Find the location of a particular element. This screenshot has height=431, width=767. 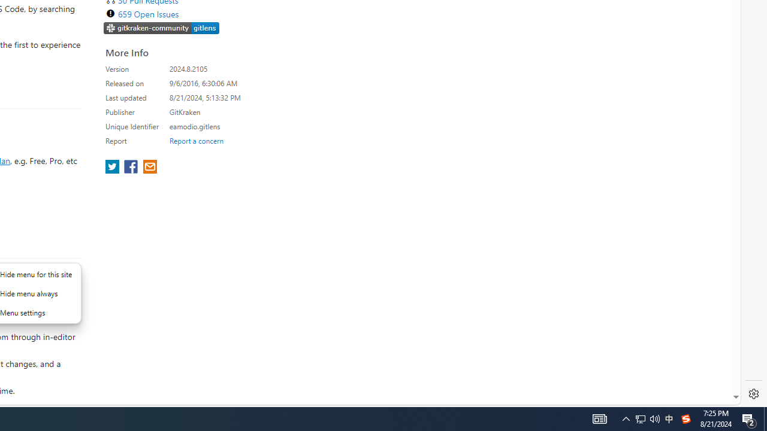

'share extension on twitter' is located at coordinates (114, 168).